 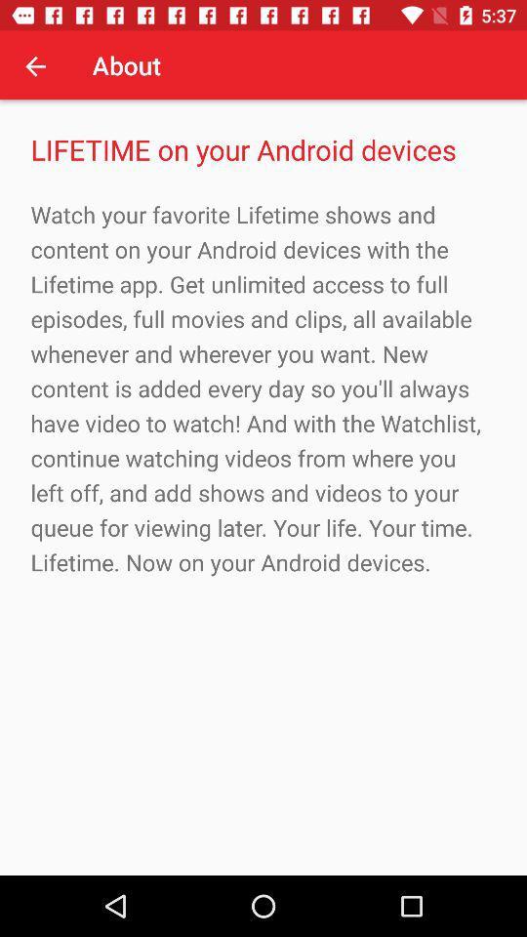 I want to click on item next to the about item, so click(x=35, y=65).